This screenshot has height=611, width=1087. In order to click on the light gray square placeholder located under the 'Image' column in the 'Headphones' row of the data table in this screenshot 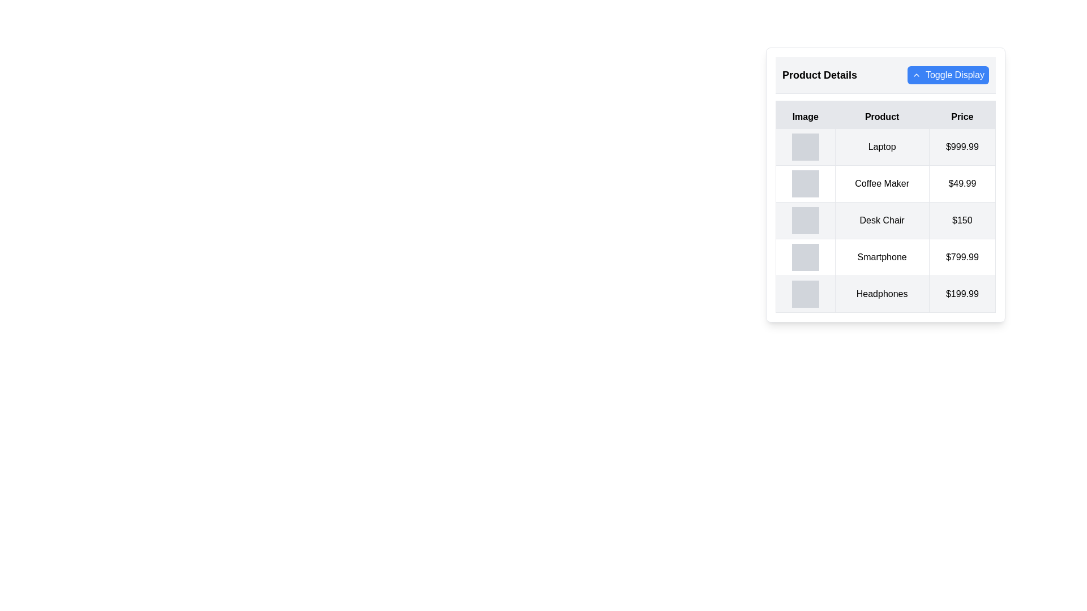, I will do `click(804, 294)`.